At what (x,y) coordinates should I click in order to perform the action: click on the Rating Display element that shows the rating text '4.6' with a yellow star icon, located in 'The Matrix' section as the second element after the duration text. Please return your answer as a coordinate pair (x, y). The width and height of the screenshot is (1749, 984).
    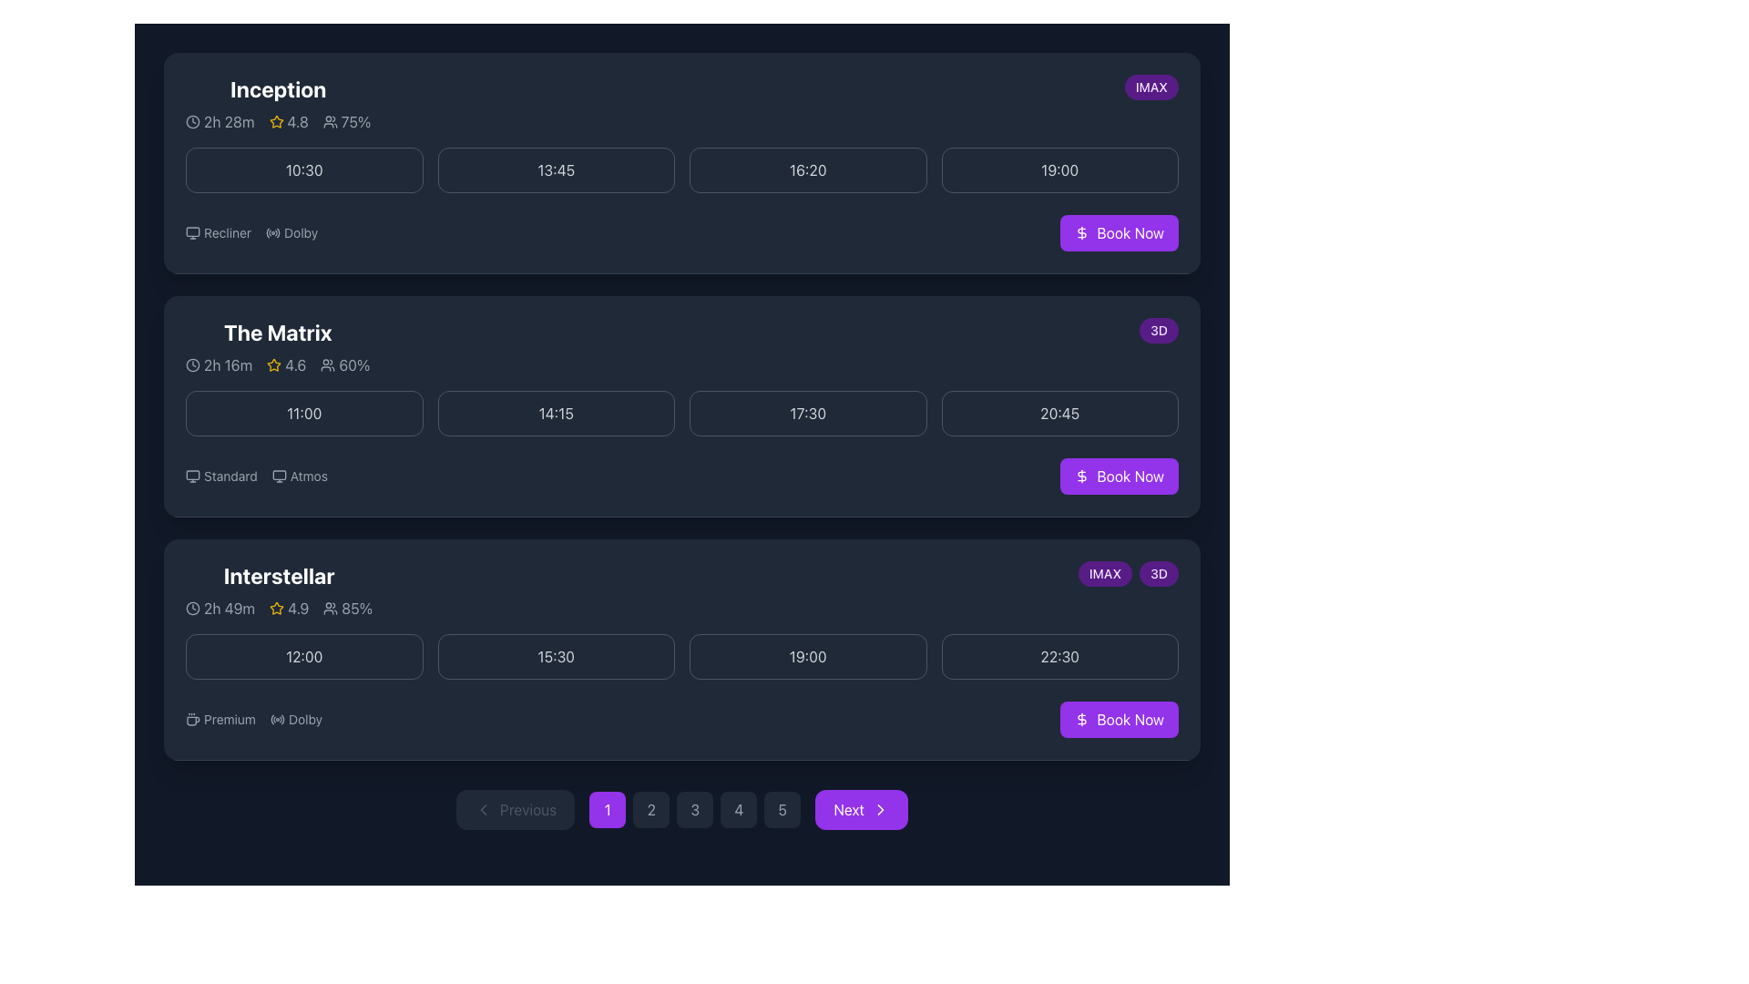
    Looking at the image, I should click on (285, 365).